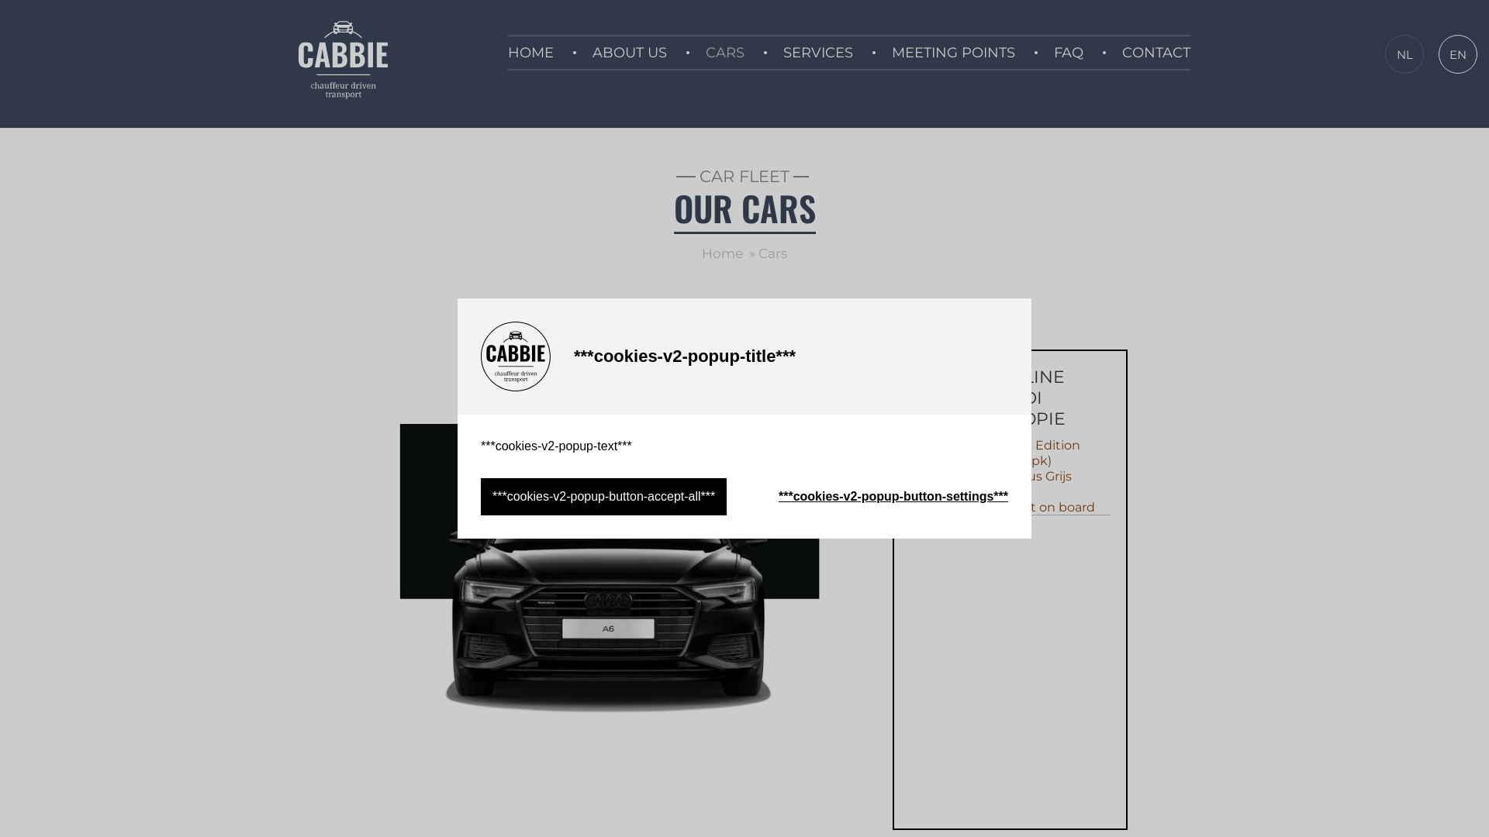 The height and width of the screenshot is (837, 1489). Describe the element at coordinates (893, 496) in the screenshot. I see `'***cookies-v2-popup-button-settings***'` at that location.